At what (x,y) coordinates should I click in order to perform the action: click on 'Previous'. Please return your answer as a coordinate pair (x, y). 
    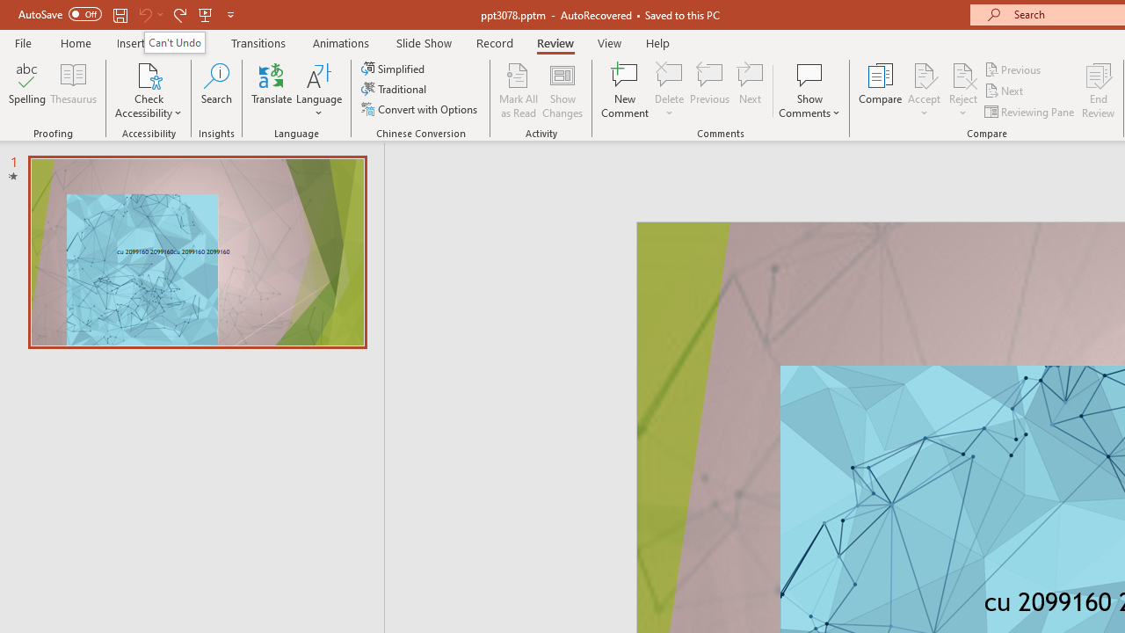
    Looking at the image, I should click on (1013, 69).